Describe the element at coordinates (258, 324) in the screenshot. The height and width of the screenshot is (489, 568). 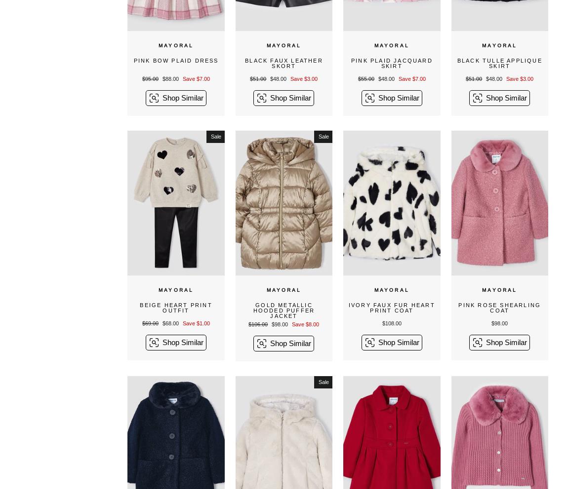
I see `'$106.00'` at that location.